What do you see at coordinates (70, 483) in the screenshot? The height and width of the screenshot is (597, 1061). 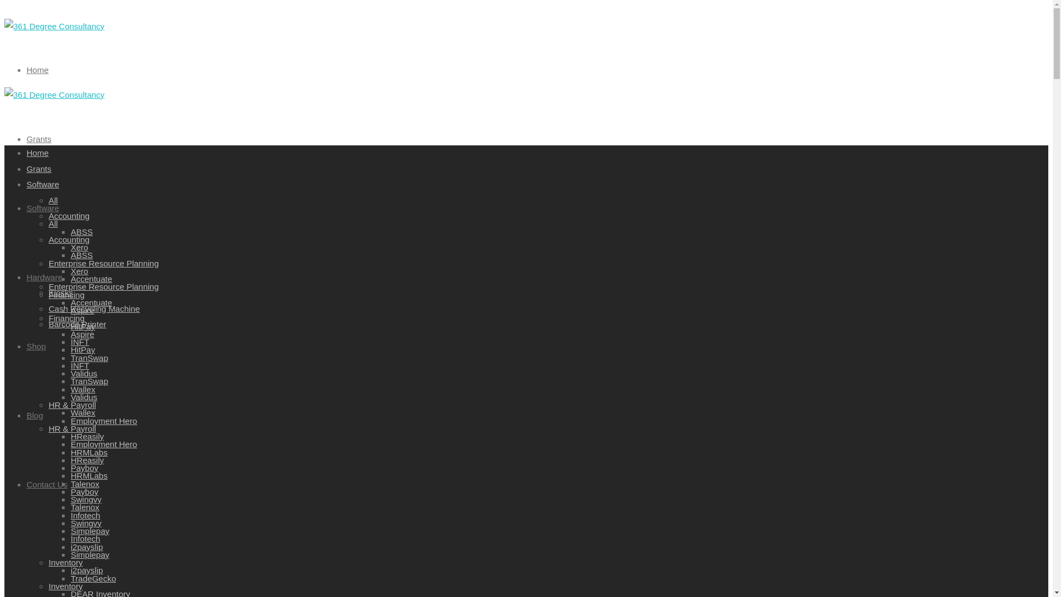 I see `'Talenox'` at bounding box center [70, 483].